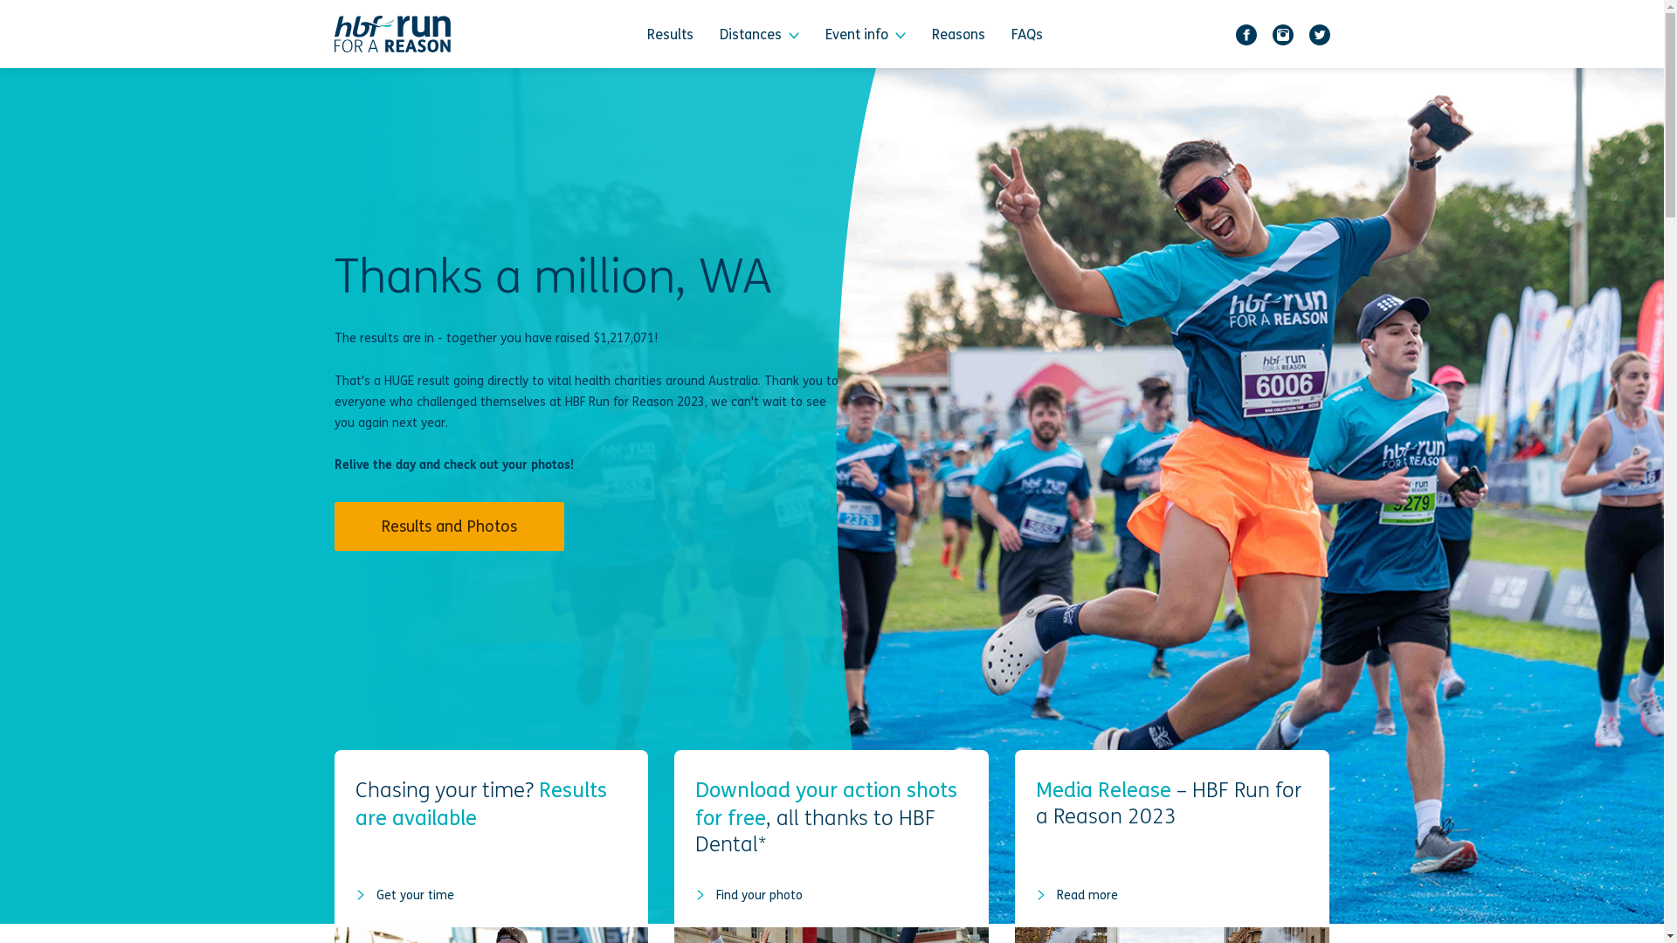  Describe the element at coordinates (1320, 33) in the screenshot. I see `'Twitter'` at that location.